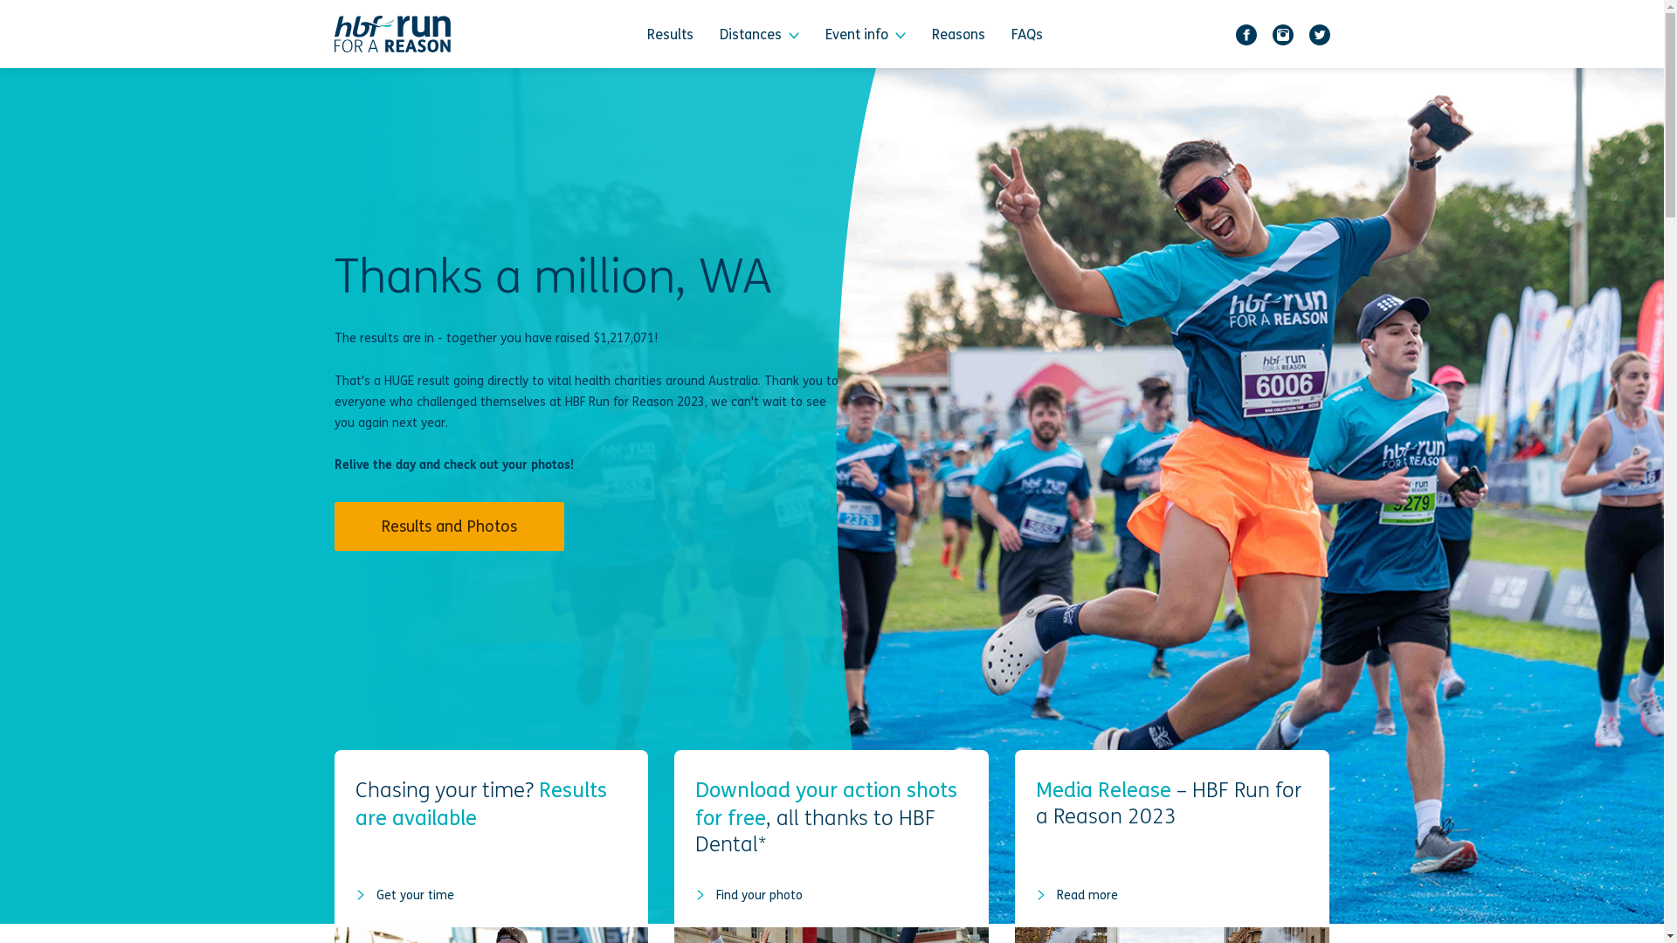  Describe the element at coordinates (1320, 33) in the screenshot. I see `'Twitter'` at that location.